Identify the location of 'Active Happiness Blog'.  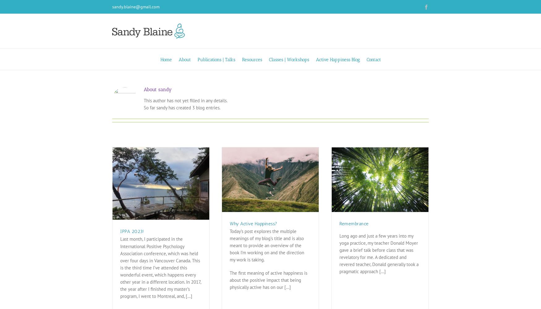
(338, 59).